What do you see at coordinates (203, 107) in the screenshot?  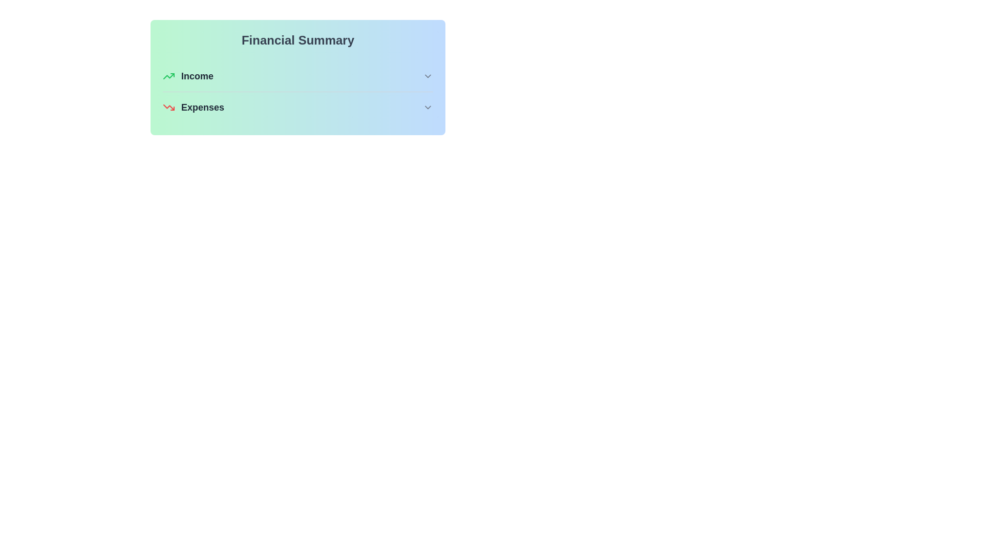 I see `the static text label displaying 'Expenses' in bold font, located in the financial summary section, directly below the 'Income' entry` at bounding box center [203, 107].